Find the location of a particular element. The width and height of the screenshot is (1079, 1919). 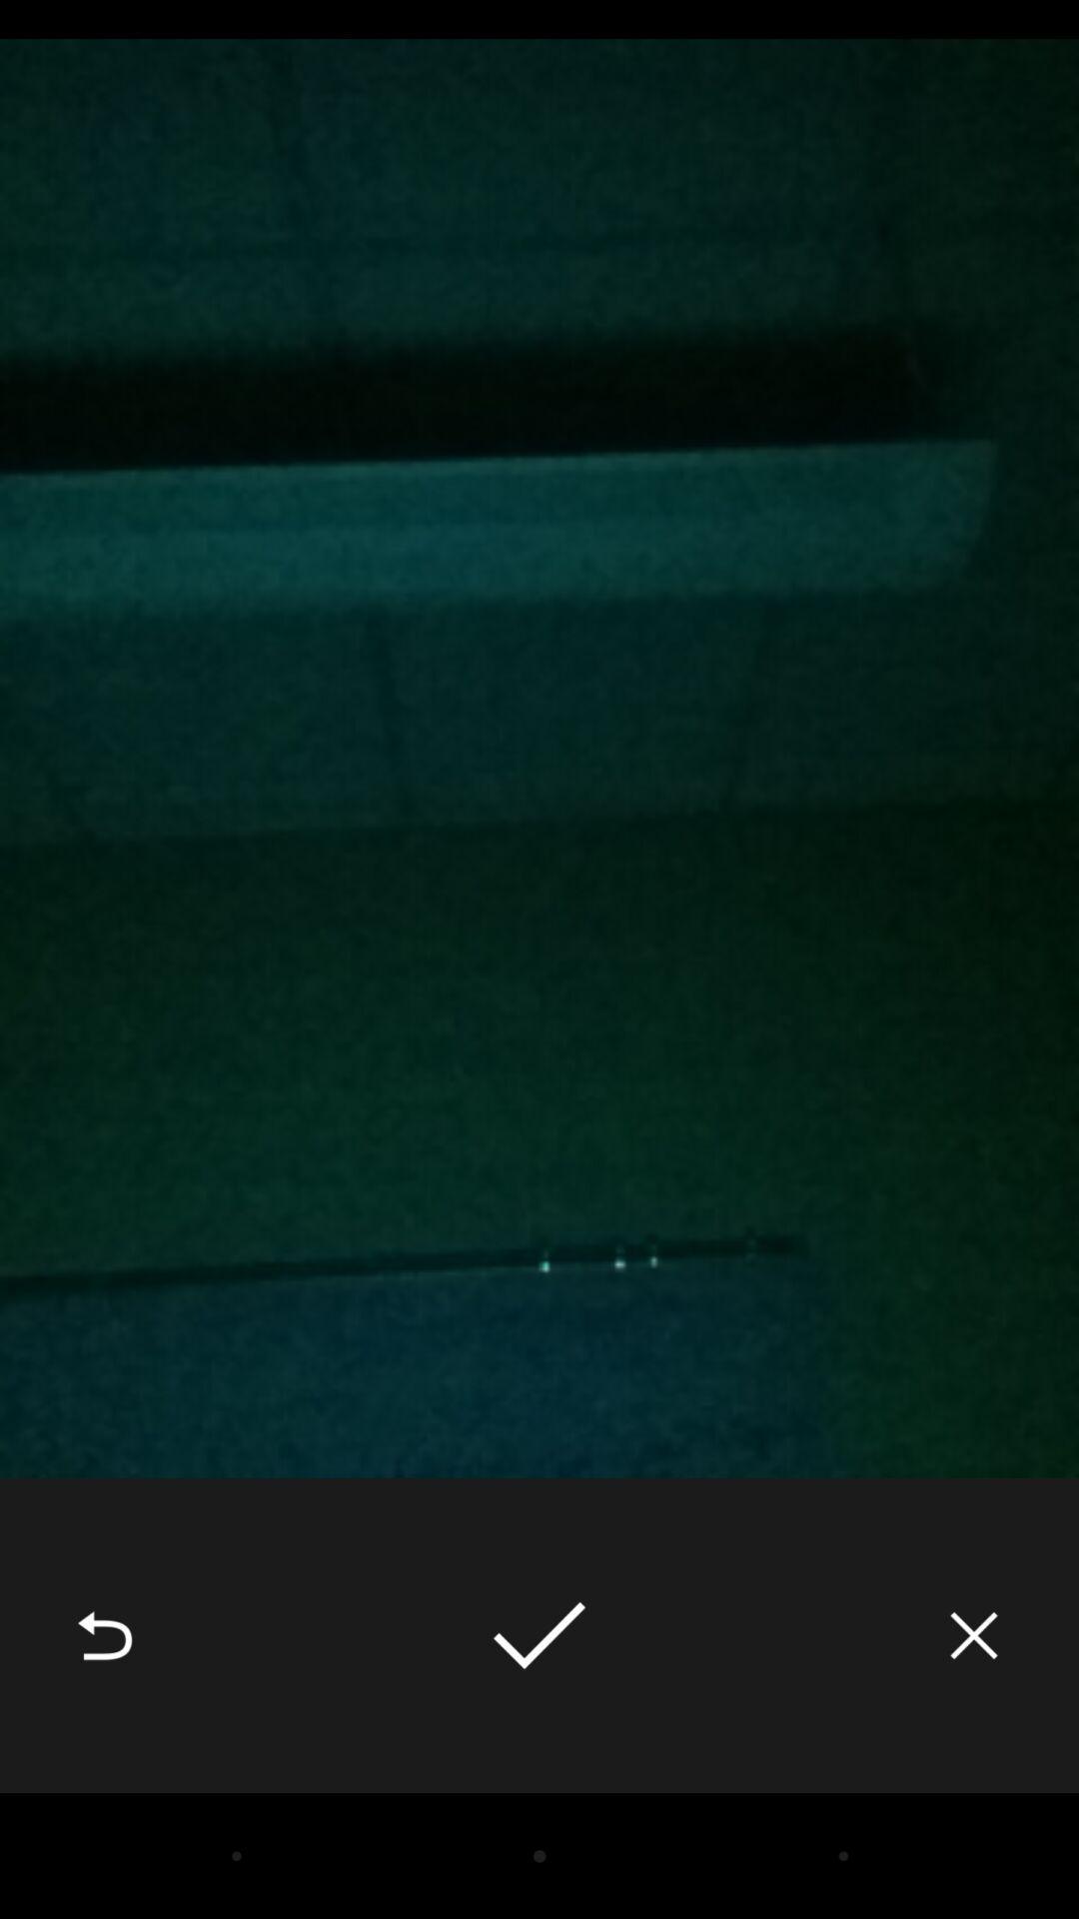

the icon at the bottom left corner is located at coordinates (104, 1635).